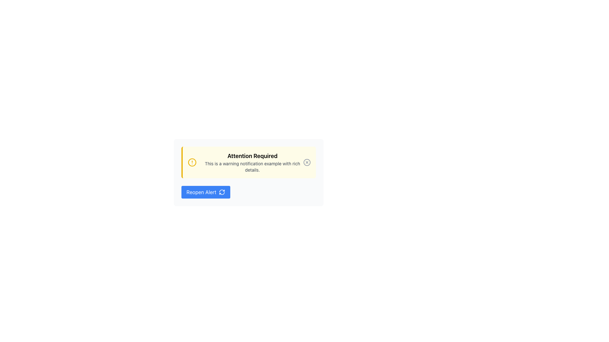 The width and height of the screenshot is (609, 342). What do you see at coordinates (252, 162) in the screenshot?
I see `the informational warning text displayed in the yellow warning box, positioned between an icon on the left and a close button on the right` at bounding box center [252, 162].